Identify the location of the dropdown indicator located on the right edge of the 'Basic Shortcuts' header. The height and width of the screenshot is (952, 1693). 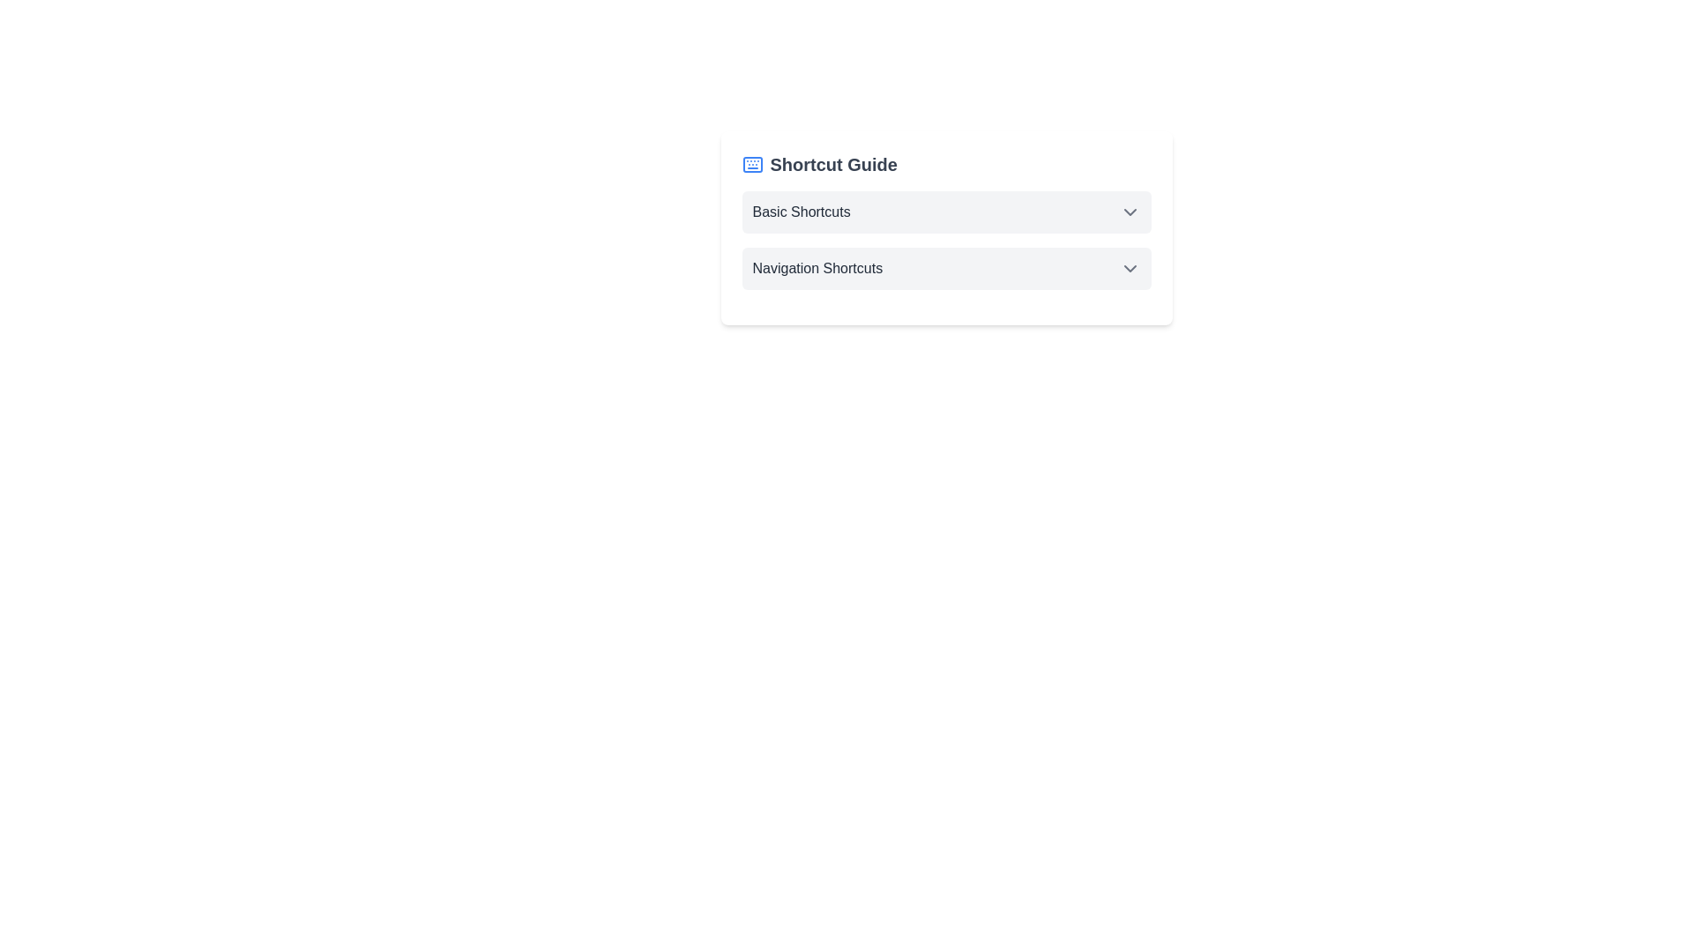
(1130, 211).